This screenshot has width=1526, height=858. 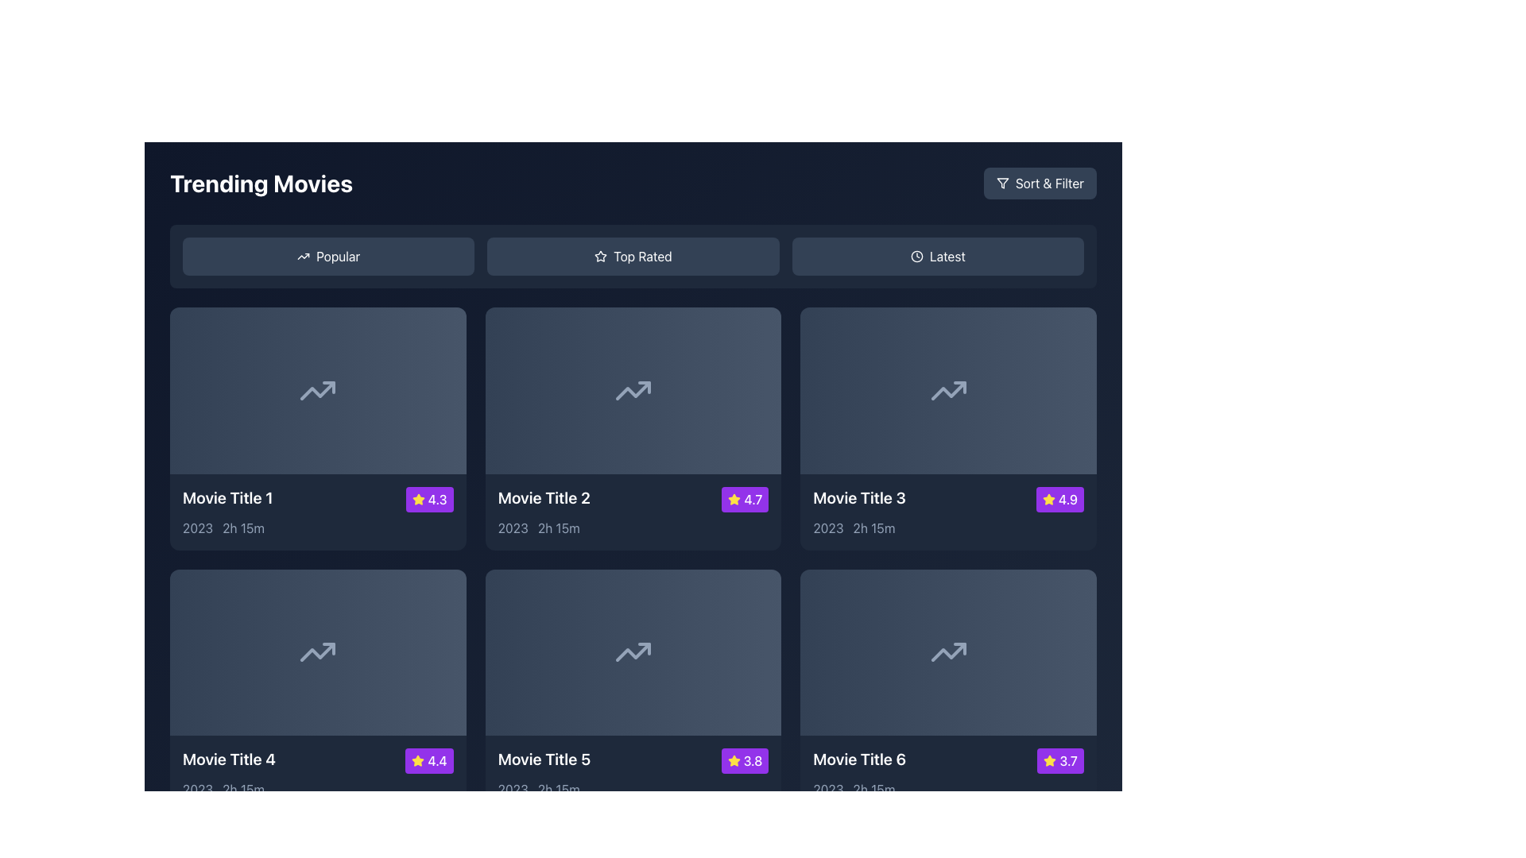 What do you see at coordinates (318, 652) in the screenshot?
I see `the small arrow-shaped icon resembling a trending upwards graph located within the fourth movie in the 'Trending Movies' section` at bounding box center [318, 652].